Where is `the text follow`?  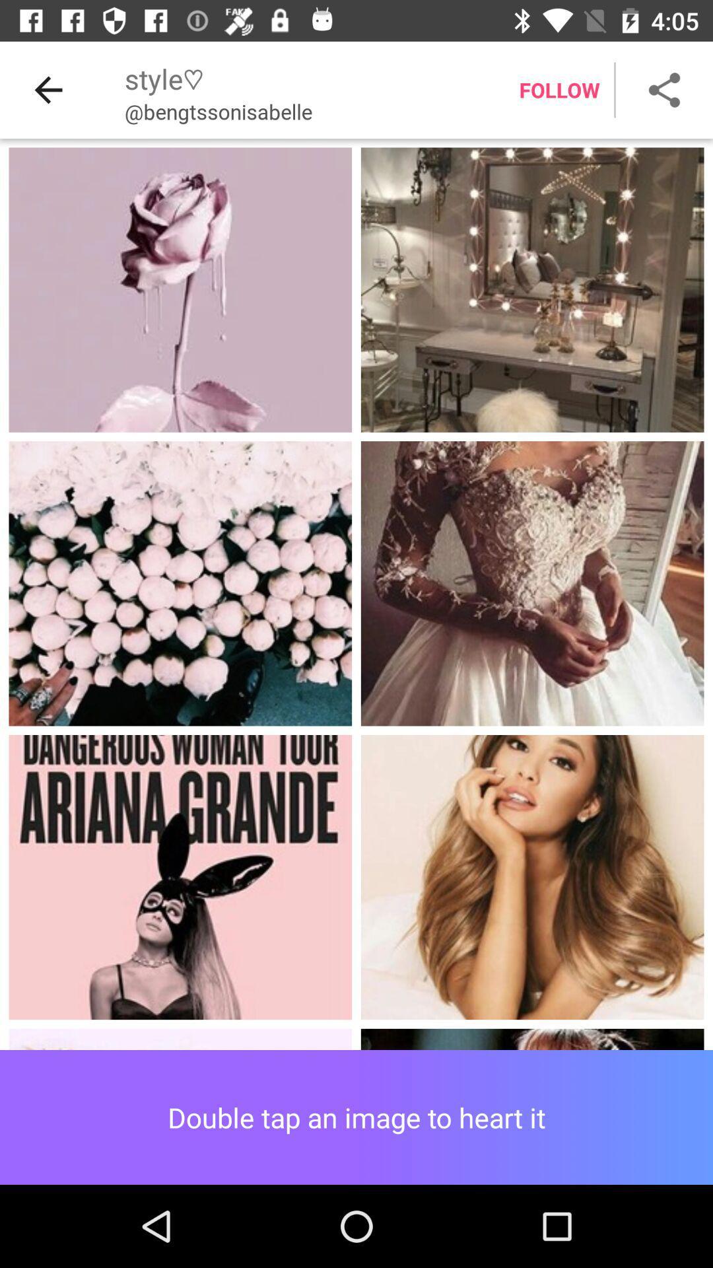 the text follow is located at coordinates (560, 89).